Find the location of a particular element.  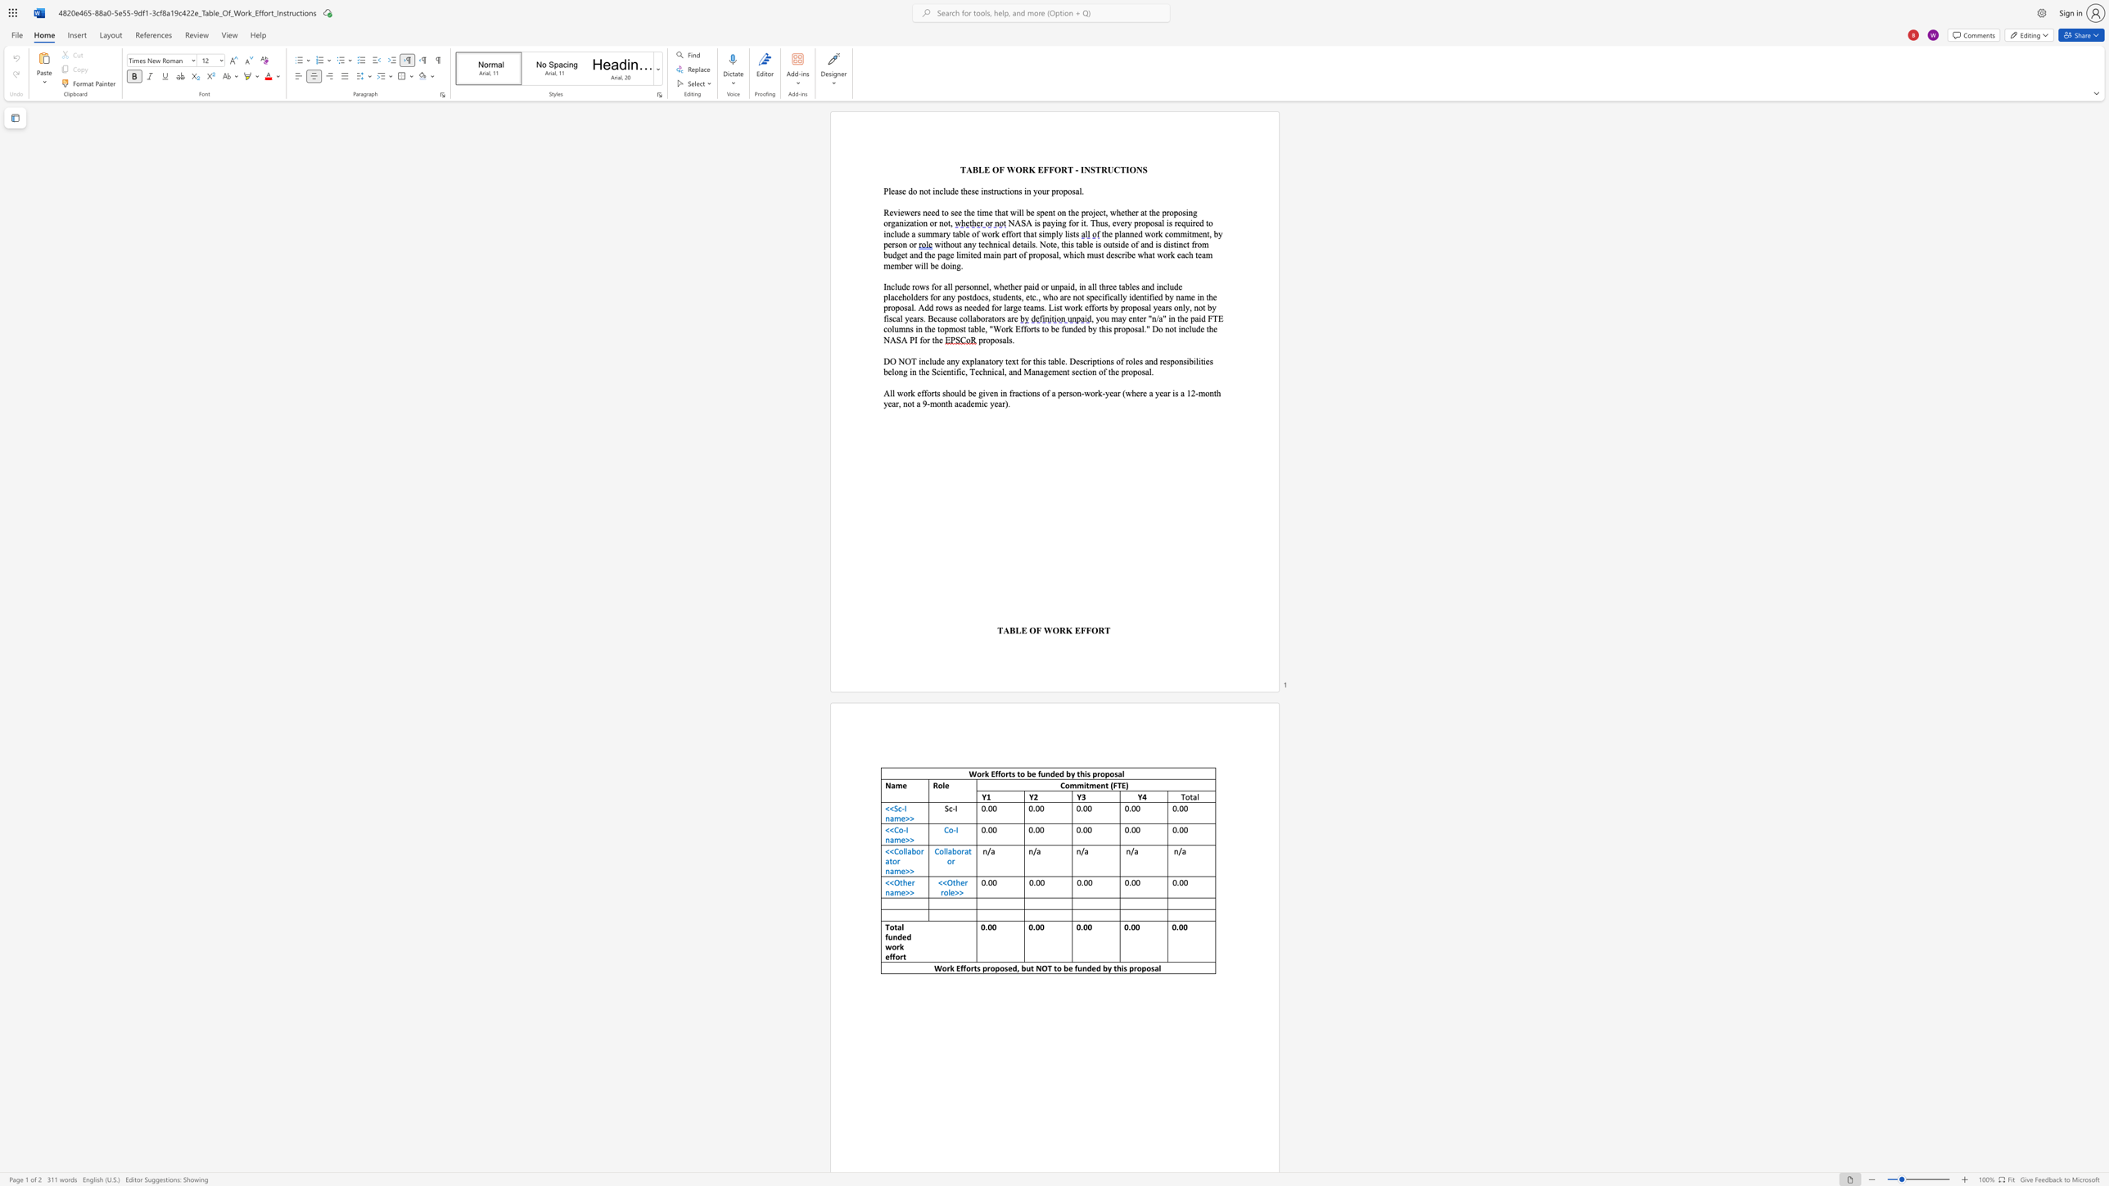

the subset text "nt (FTE" within the text "Commitment (FTE)" is located at coordinates (1100, 785).